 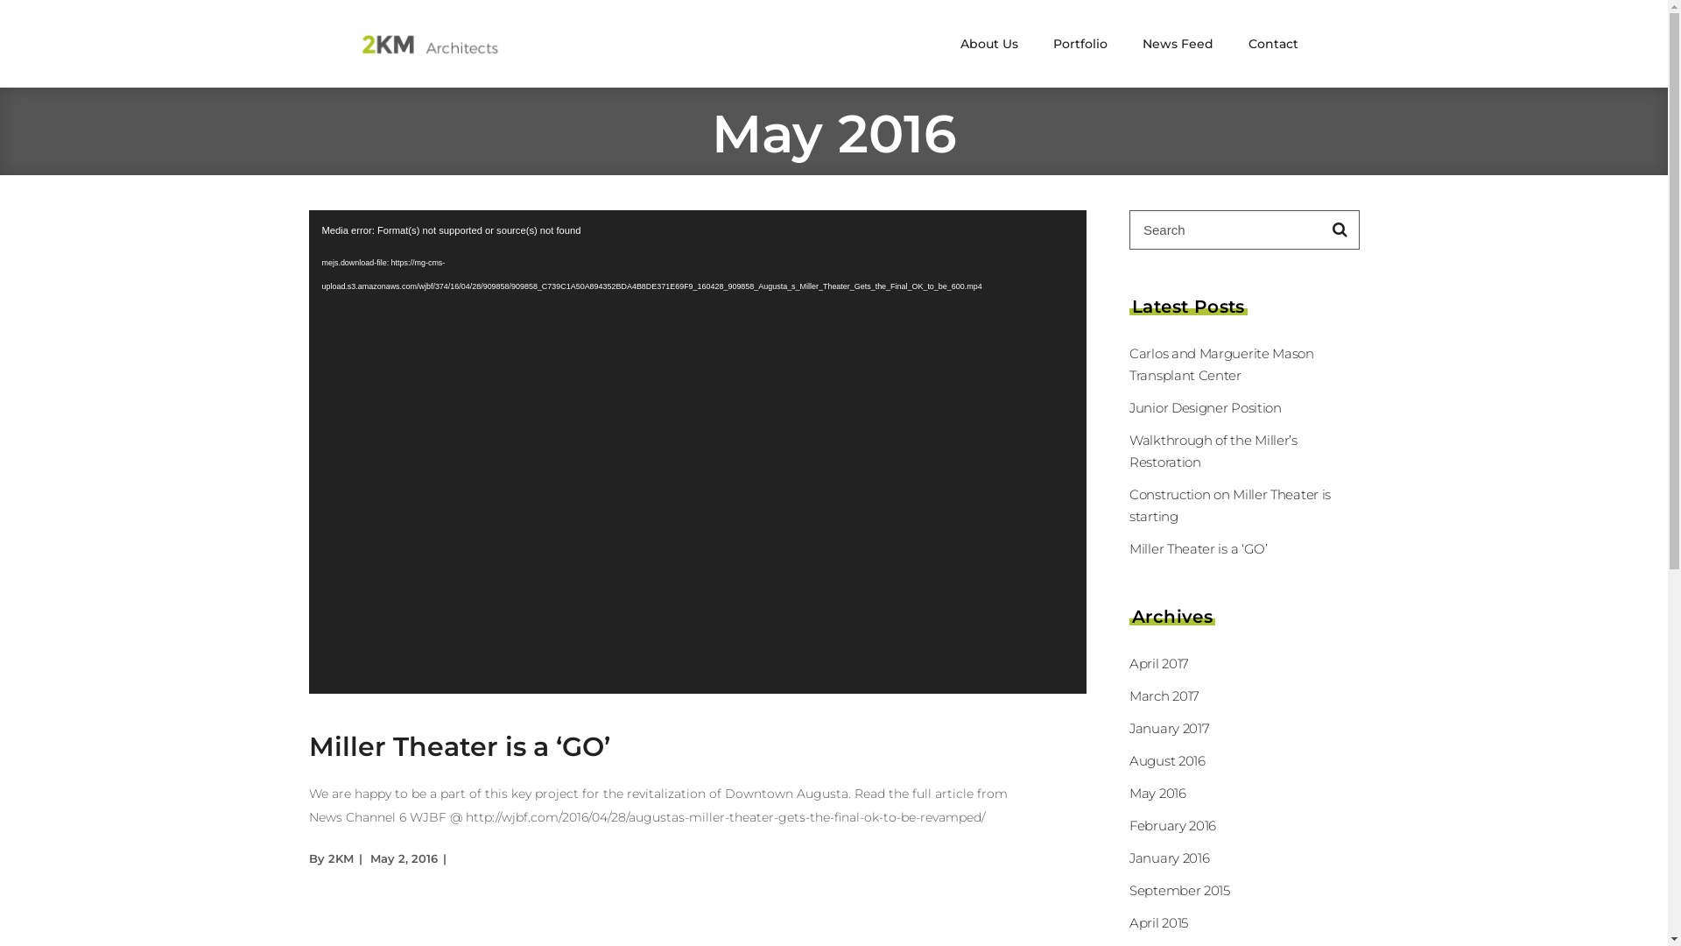 I want to click on 'April 2017', so click(x=1159, y=663).